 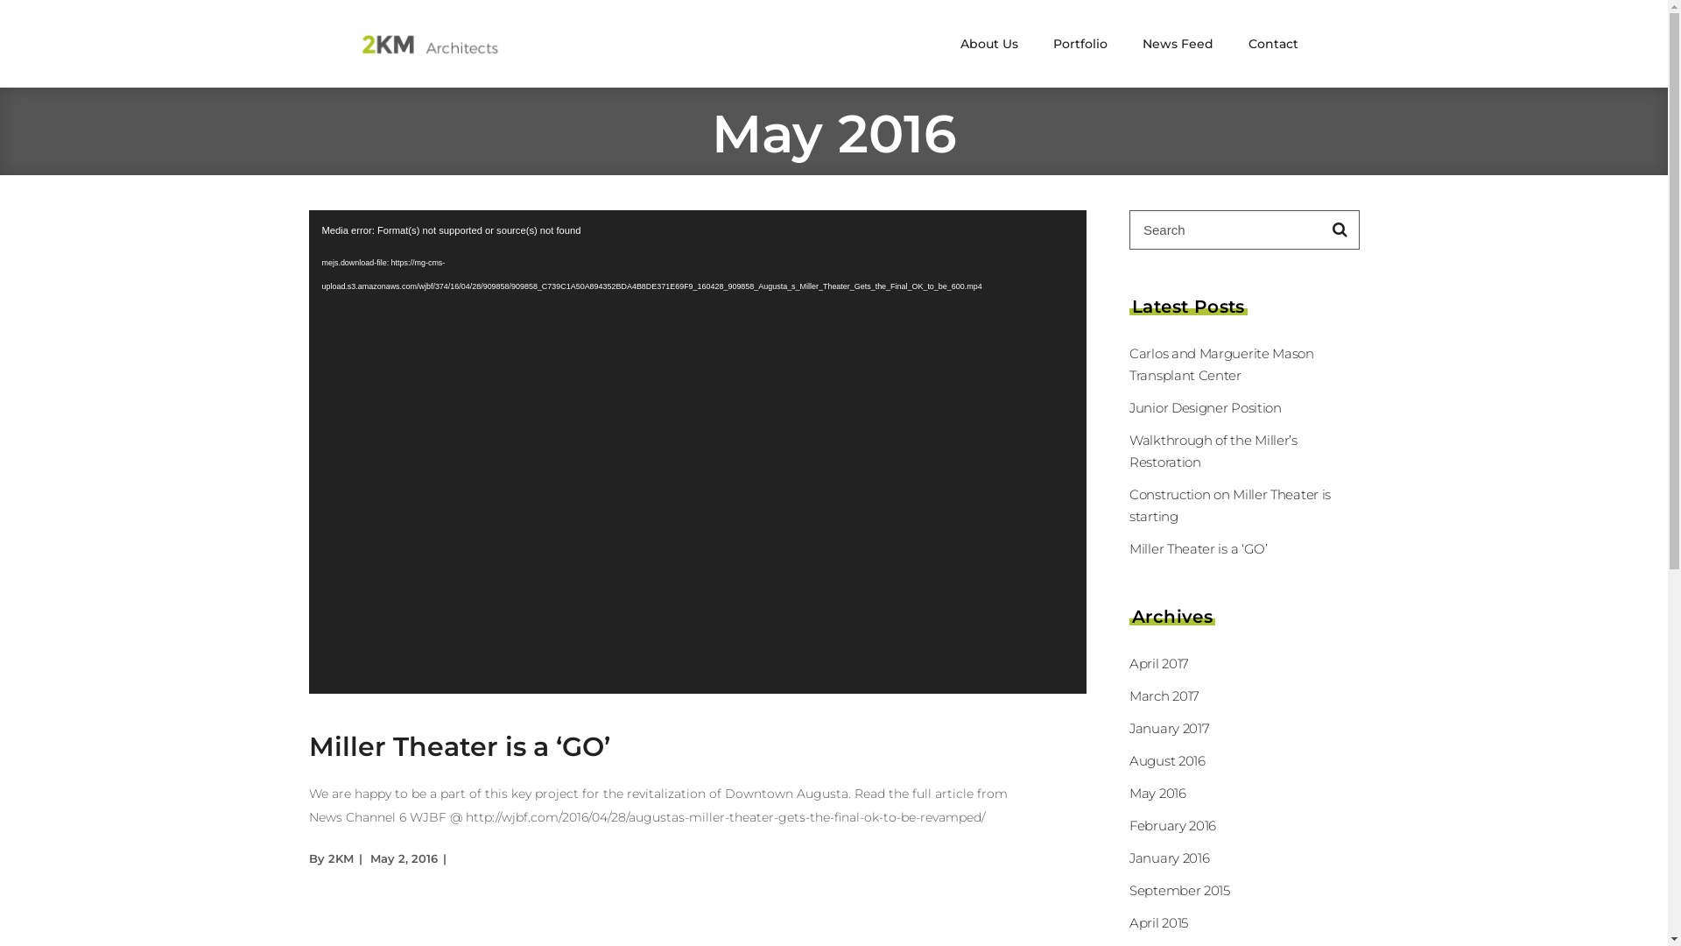 I want to click on 'April 2017', so click(x=1159, y=663).